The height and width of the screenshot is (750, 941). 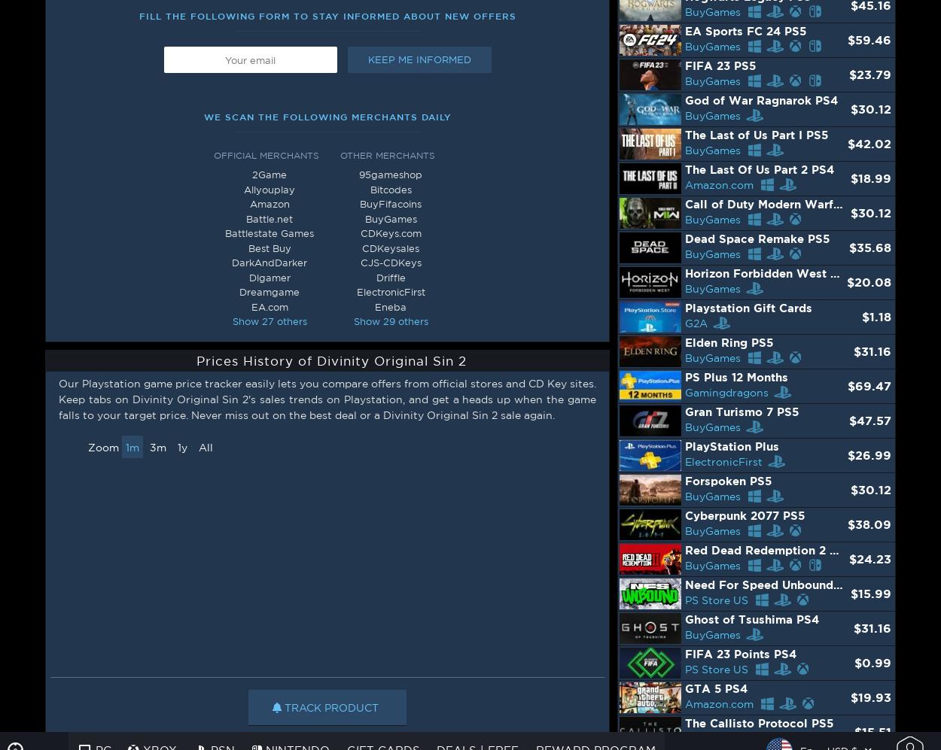 What do you see at coordinates (62, 713) in the screenshot?
I see `'Allkeyshop Extension
									?'` at bounding box center [62, 713].